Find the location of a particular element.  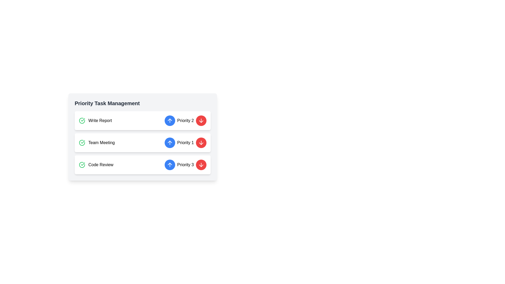

the static indicator icon representing the completion status of the 'Team Meeting' task, located to the left of the task text in the second row of the task list is located at coordinates (82, 143).